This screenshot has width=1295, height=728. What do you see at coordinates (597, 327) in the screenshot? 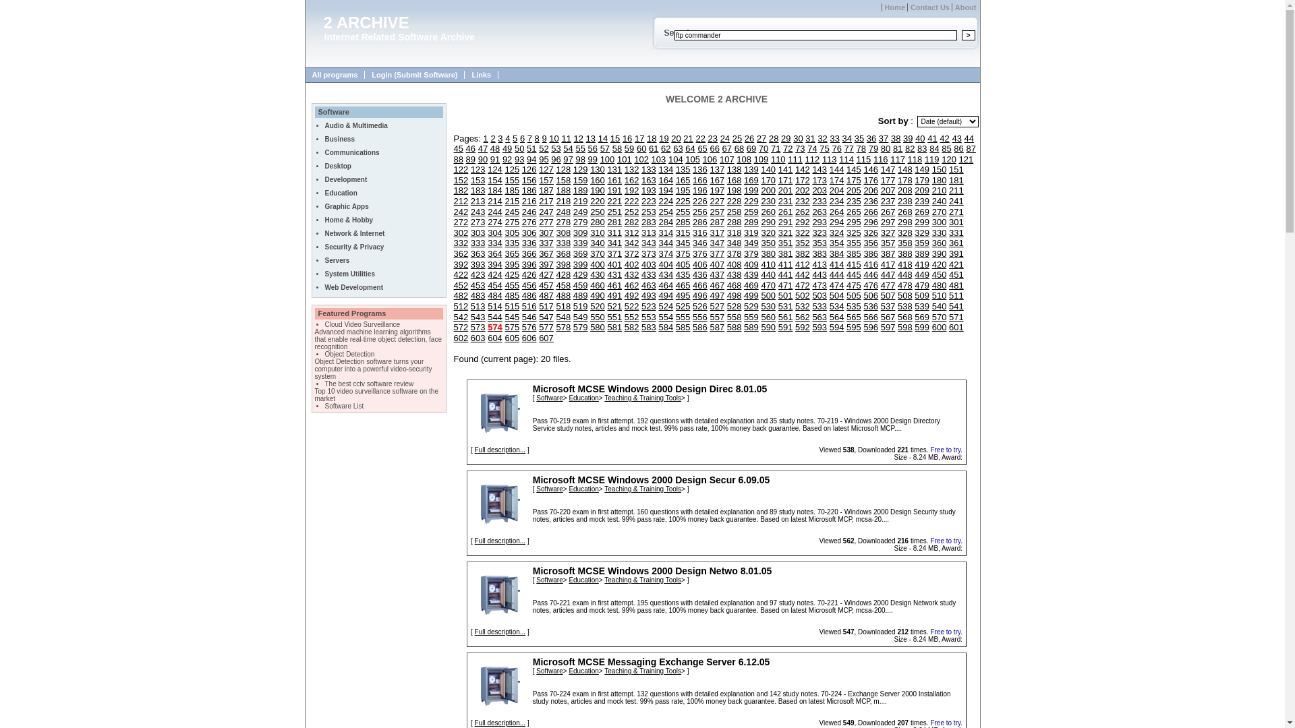
I see `'580'` at bounding box center [597, 327].